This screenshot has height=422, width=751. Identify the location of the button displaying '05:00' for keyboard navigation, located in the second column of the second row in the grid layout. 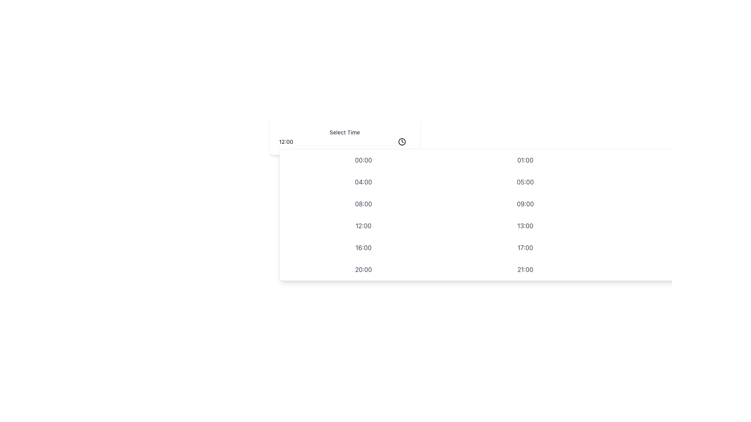
(525, 182).